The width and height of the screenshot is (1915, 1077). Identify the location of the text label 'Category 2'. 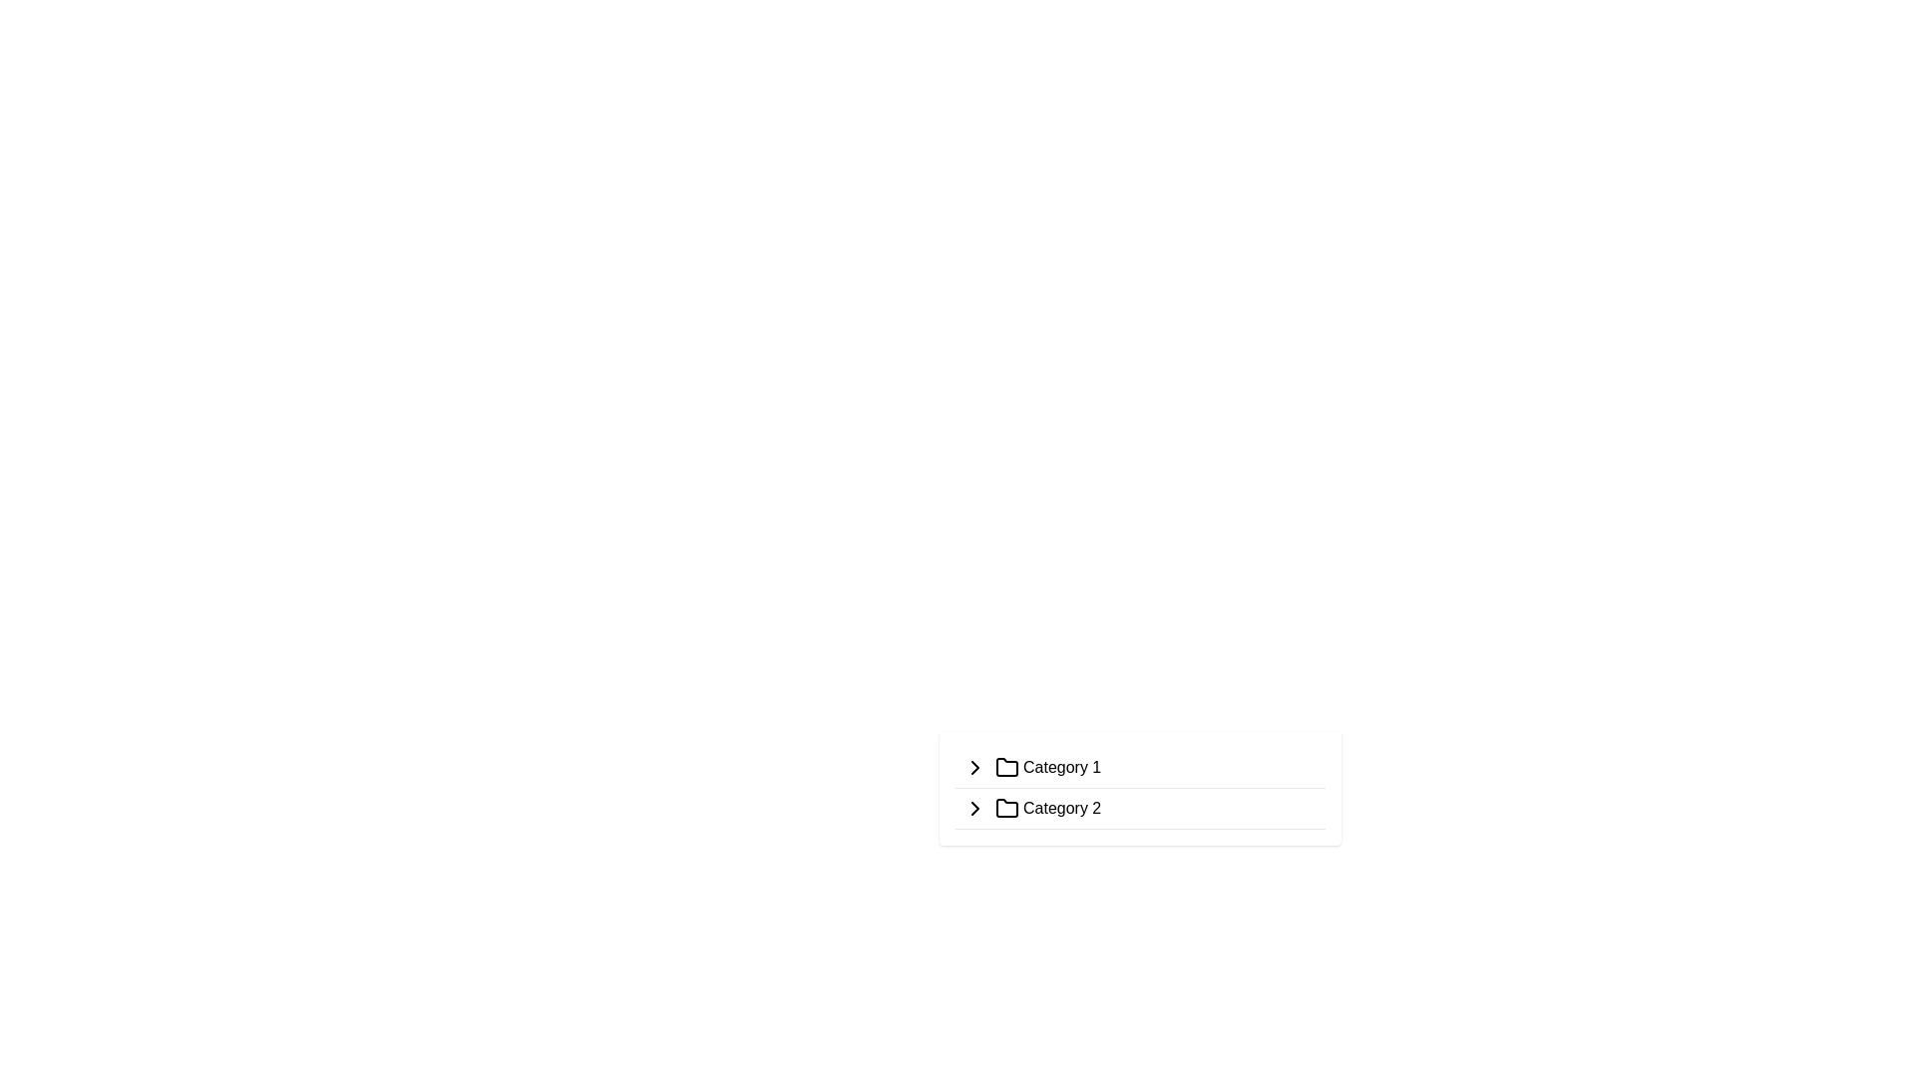
(1061, 808).